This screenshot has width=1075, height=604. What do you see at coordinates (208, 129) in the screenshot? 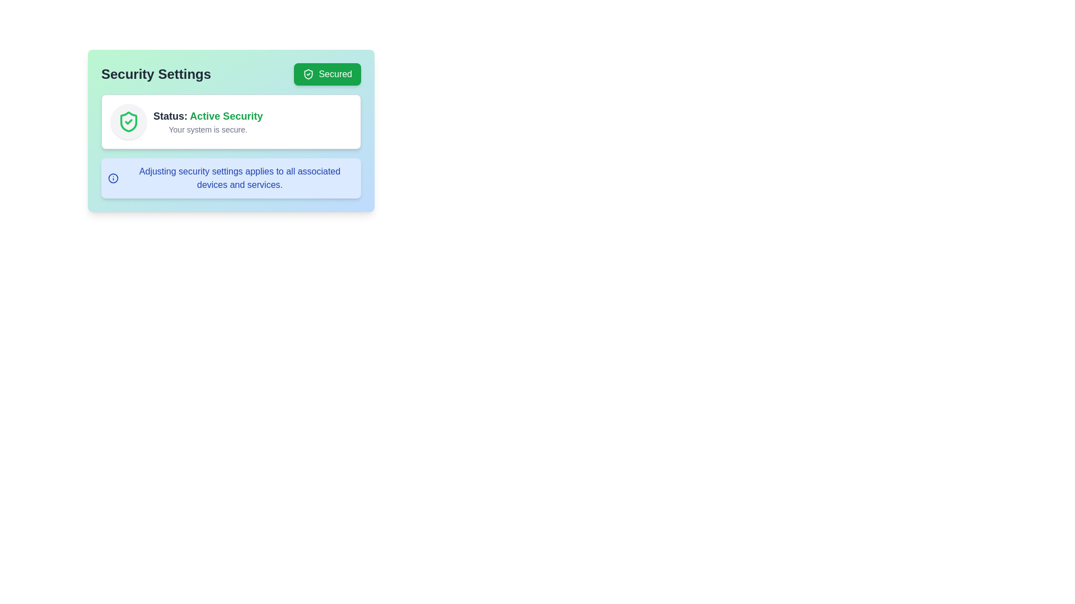
I see `the text label displaying 'Your system is secure.' which is located below the heading 'Status: Active Security' and aligned under the green status message 'Active Security'` at bounding box center [208, 129].